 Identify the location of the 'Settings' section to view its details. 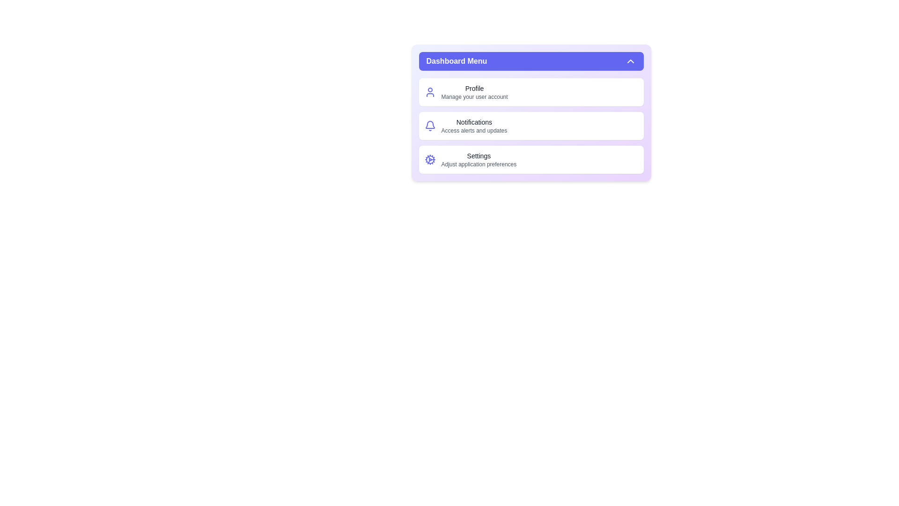
(531, 159).